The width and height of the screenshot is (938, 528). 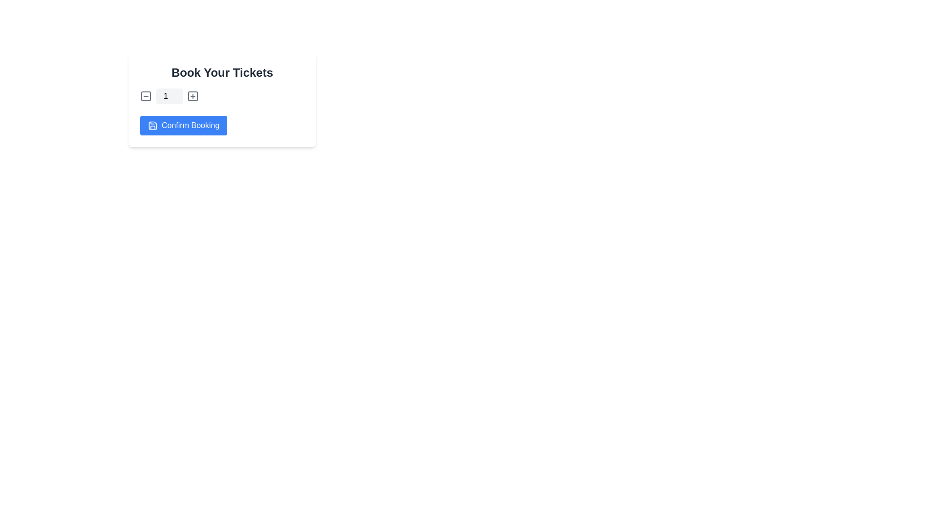 I want to click on the square icon button with a plus sign to increment the value, located to the right of the number input field labeled '1' under the header 'Book Your Tickets.', so click(x=192, y=96).